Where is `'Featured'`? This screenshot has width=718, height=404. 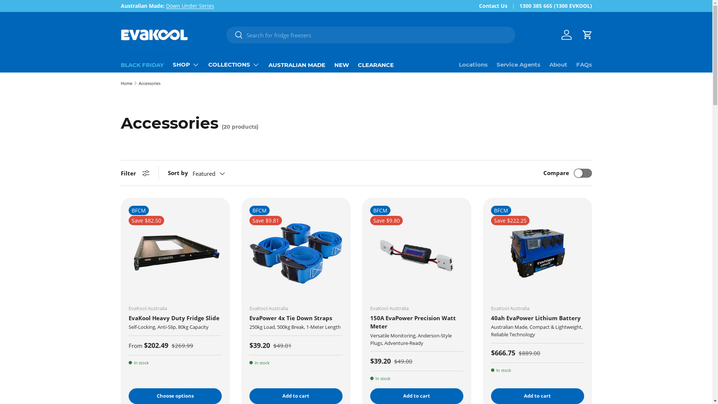 'Featured' is located at coordinates (215, 173).